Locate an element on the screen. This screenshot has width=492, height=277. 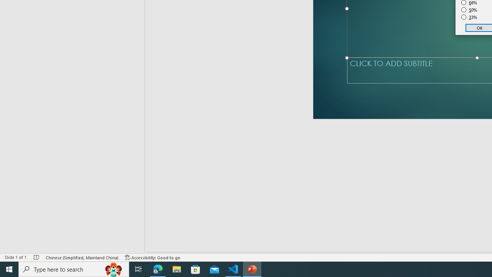
'Search highlights icon opens search home window' is located at coordinates (113, 269).